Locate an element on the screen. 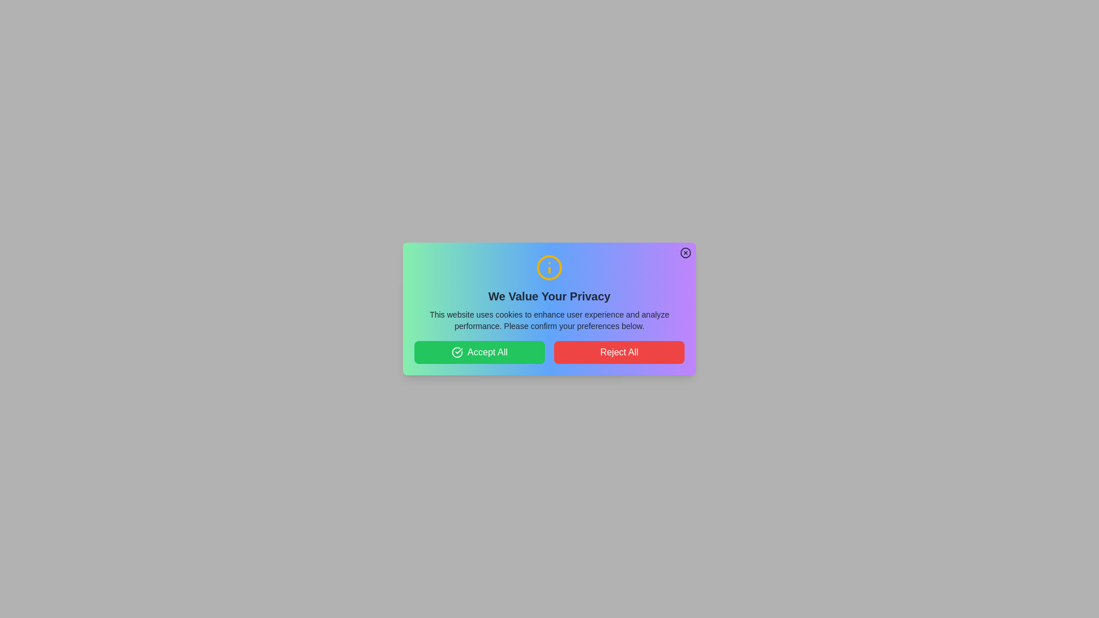 The height and width of the screenshot is (618, 1099). the background outside the dialog box to dismiss it is located at coordinates (57, 57).